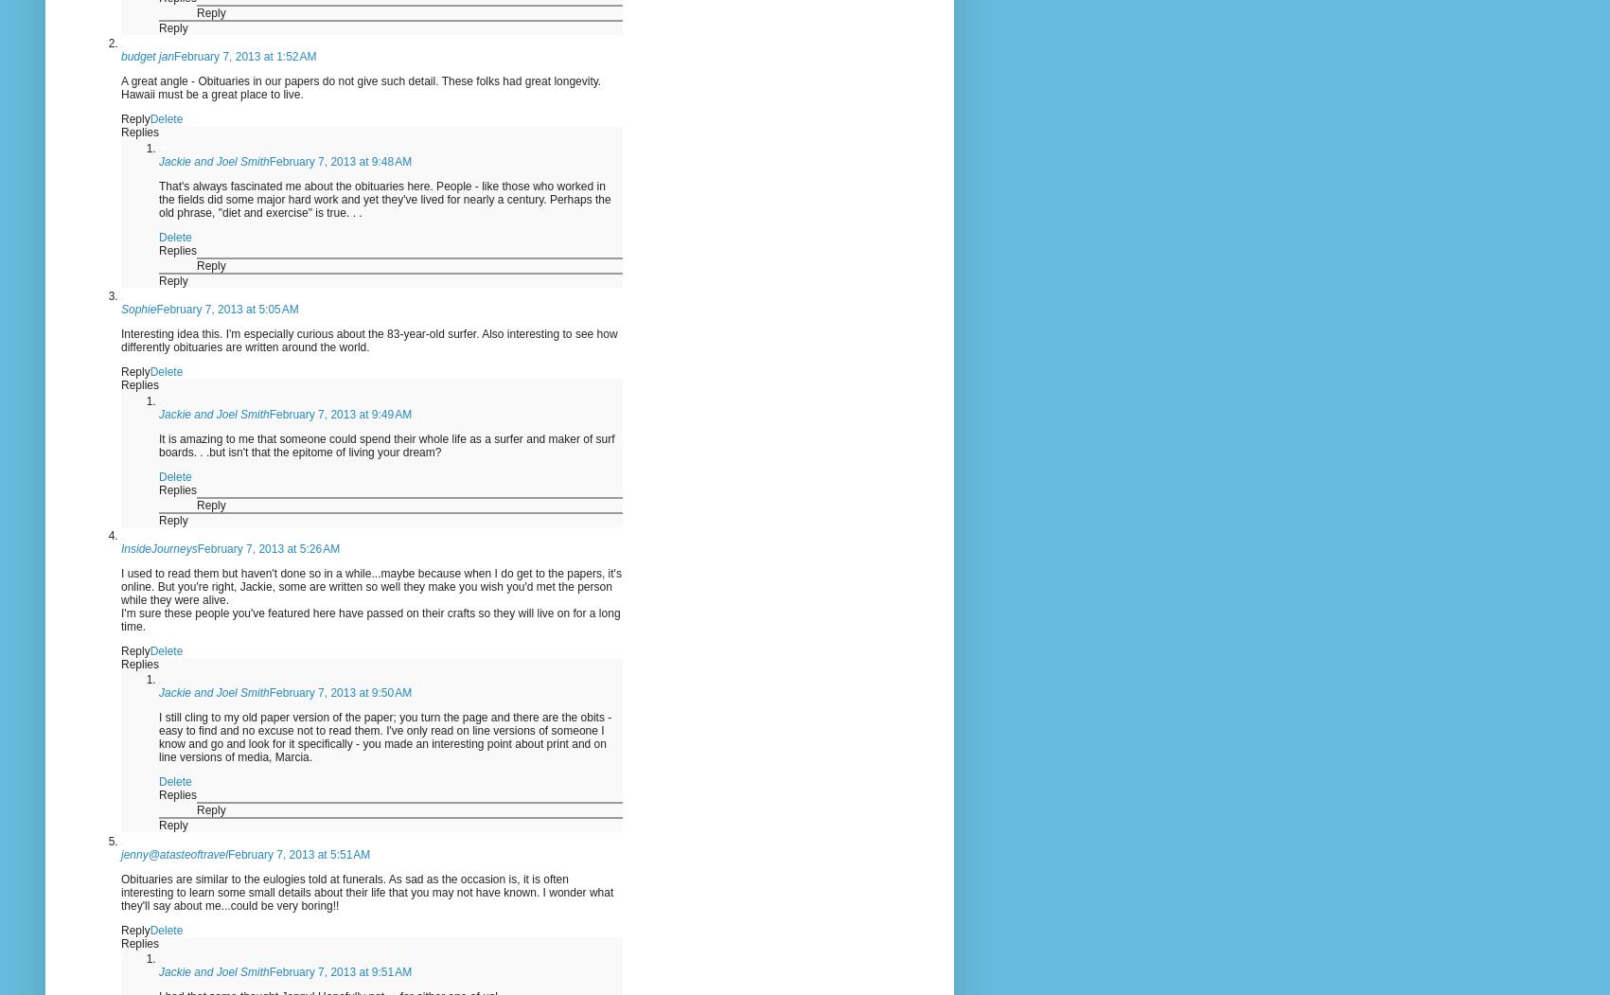 The width and height of the screenshot is (1610, 995). What do you see at coordinates (137, 309) in the screenshot?
I see `'Sophie'` at bounding box center [137, 309].